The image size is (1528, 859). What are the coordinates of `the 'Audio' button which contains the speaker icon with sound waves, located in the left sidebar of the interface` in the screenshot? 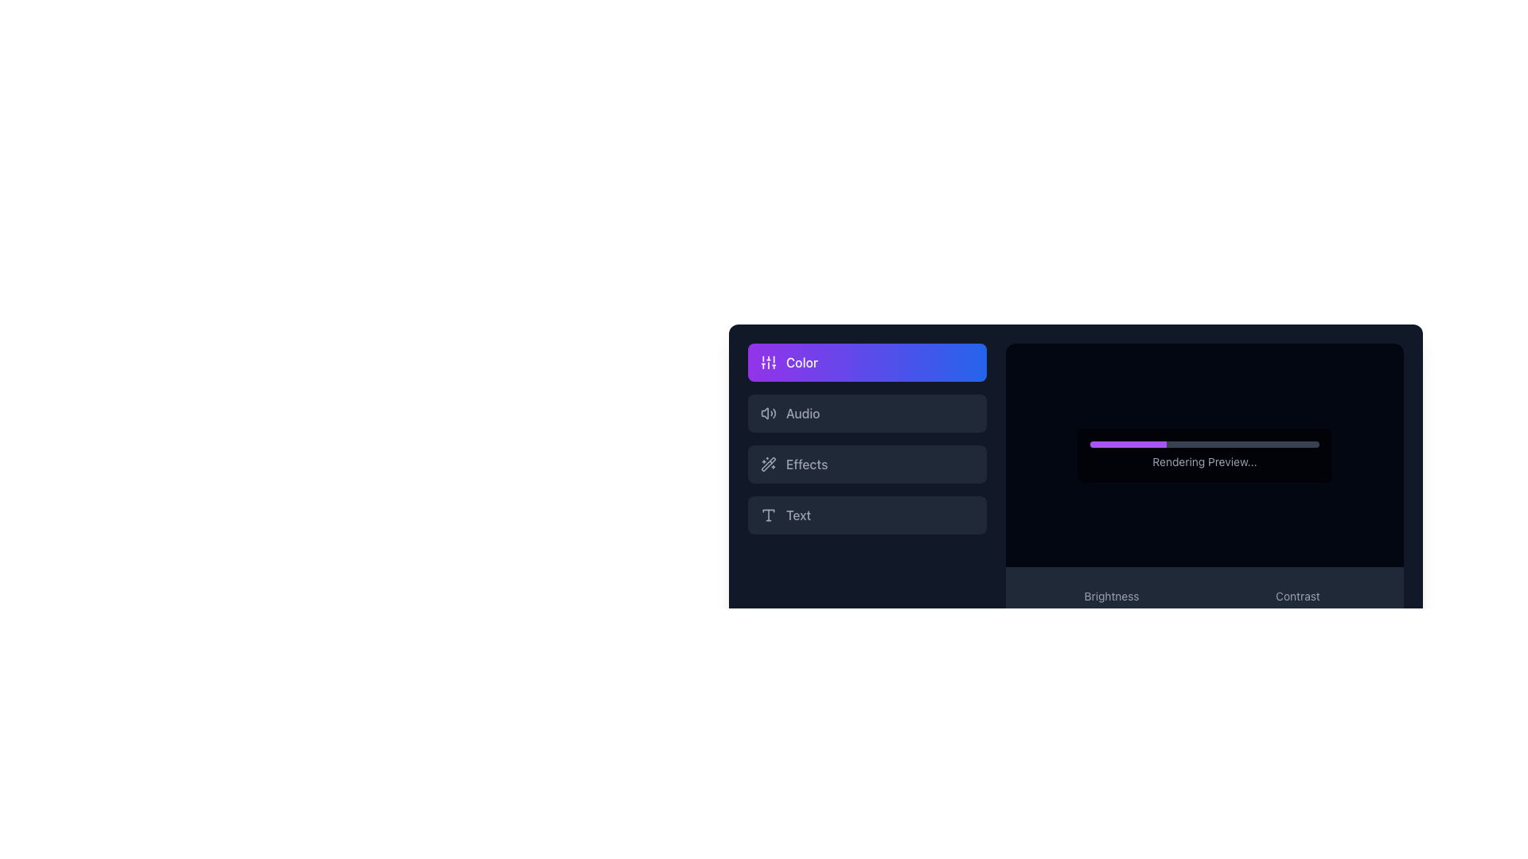 It's located at (768, 413).